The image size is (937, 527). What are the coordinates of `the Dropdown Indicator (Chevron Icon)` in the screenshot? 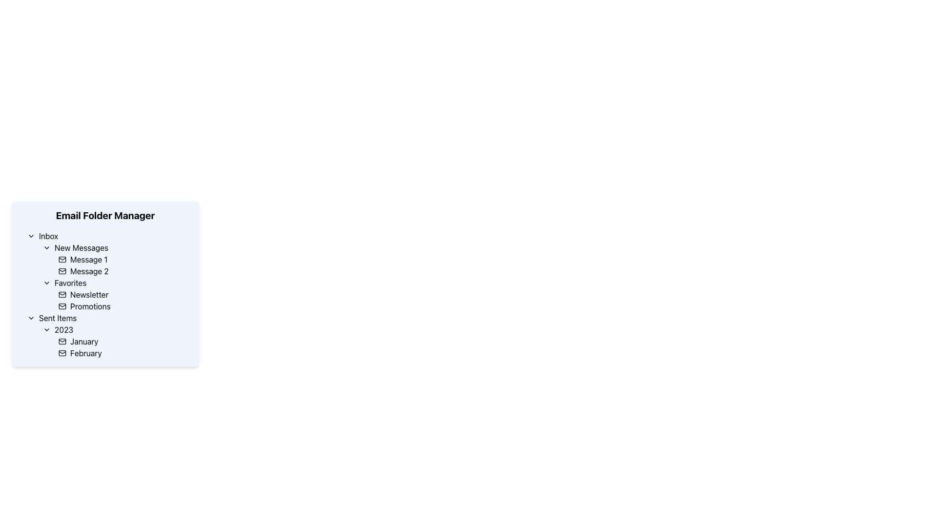 It's located at (46, 247).